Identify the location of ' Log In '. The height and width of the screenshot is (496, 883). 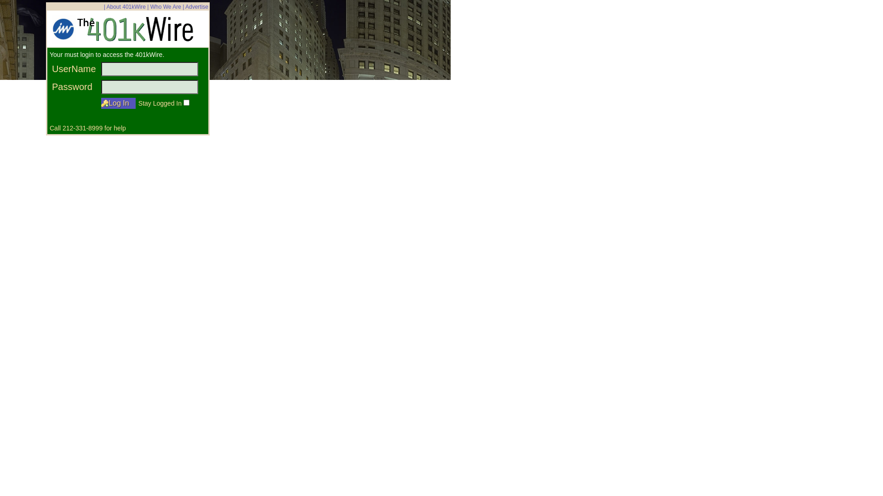
(118, 103).